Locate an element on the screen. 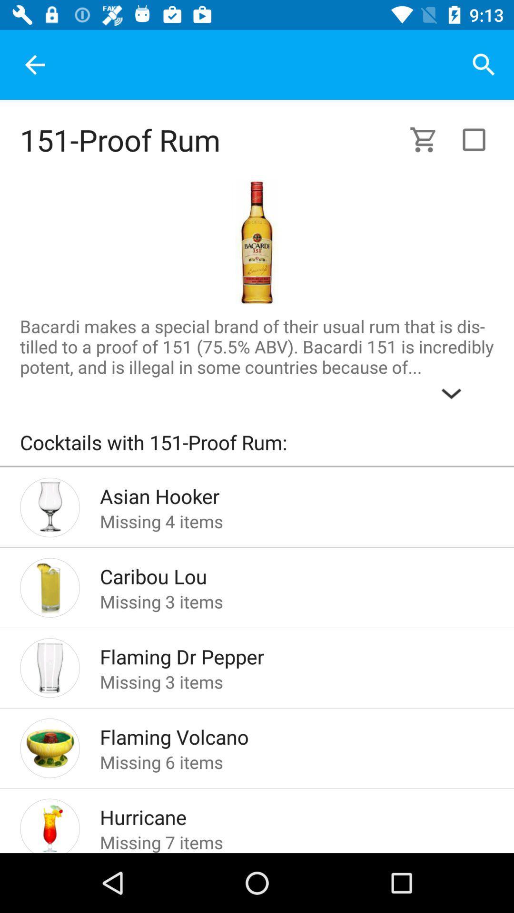 Image resolution: width=514 pixels, height=913 pixels. the hurricane icon is located at coordinates (281, 814).